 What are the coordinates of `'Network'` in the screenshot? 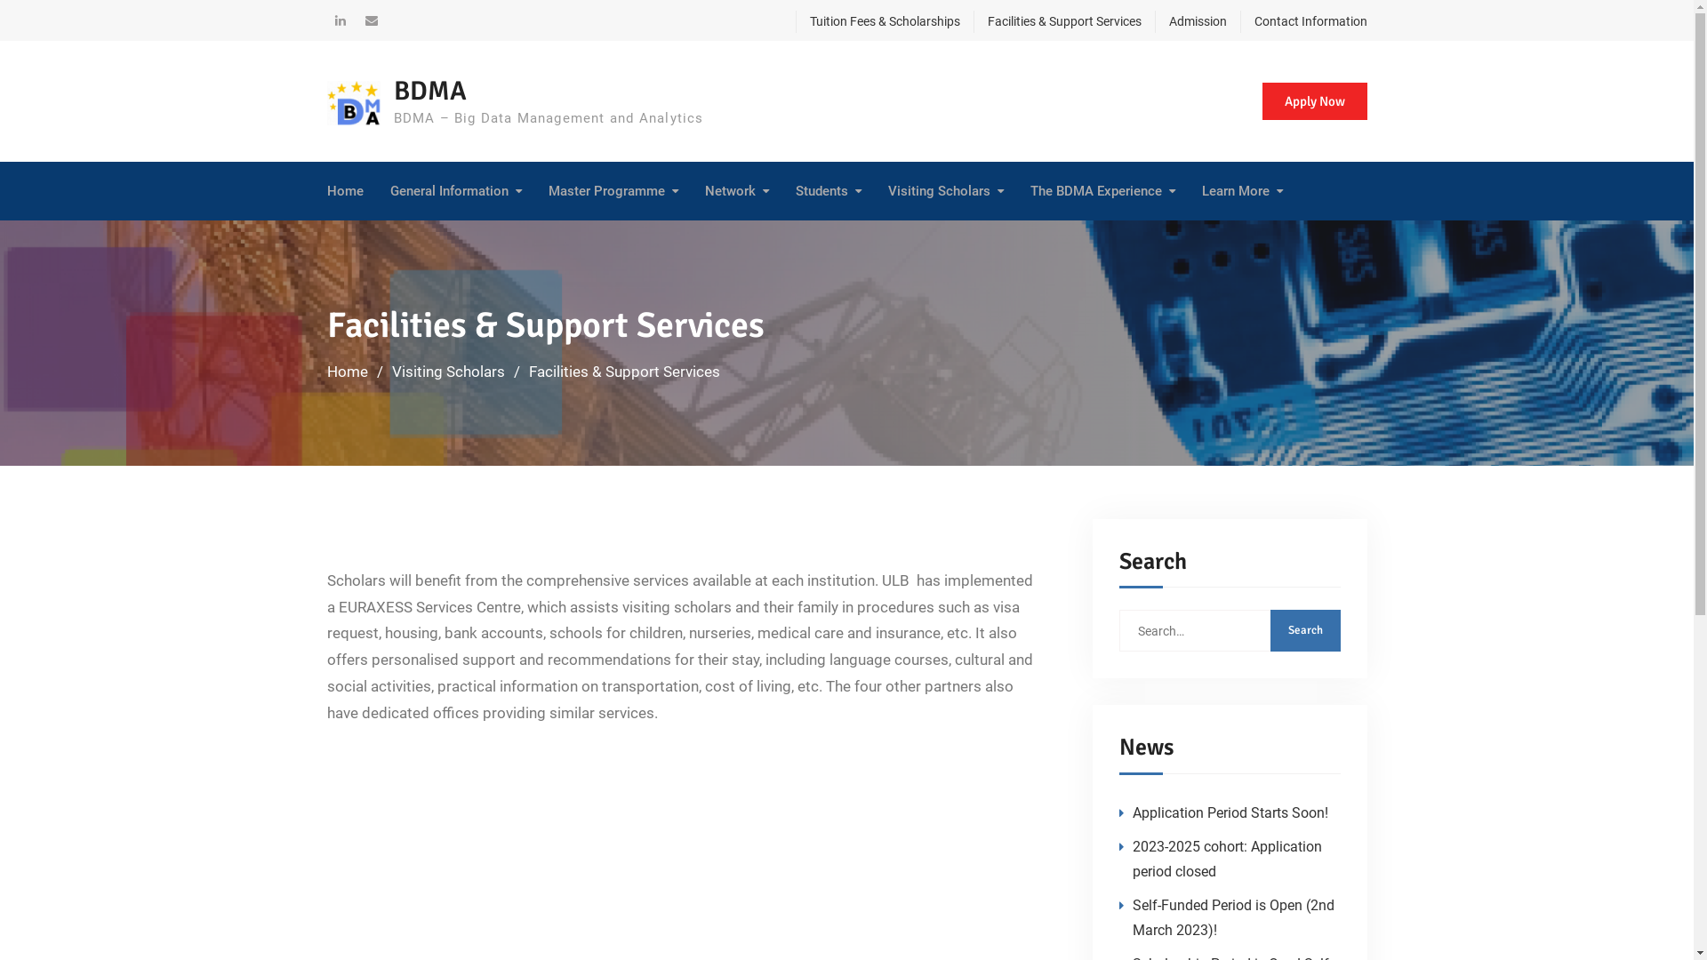 It's located at (736, 191).